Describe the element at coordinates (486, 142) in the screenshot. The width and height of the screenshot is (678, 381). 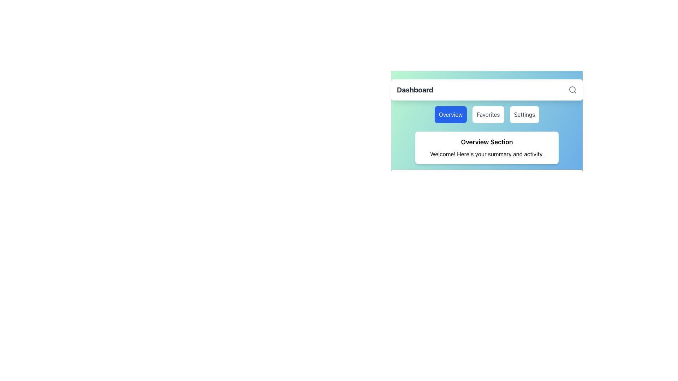
I see `the text label that serves as a header or title for the section, which is centrally aligned in a white card near the middle of the interface` at that location.